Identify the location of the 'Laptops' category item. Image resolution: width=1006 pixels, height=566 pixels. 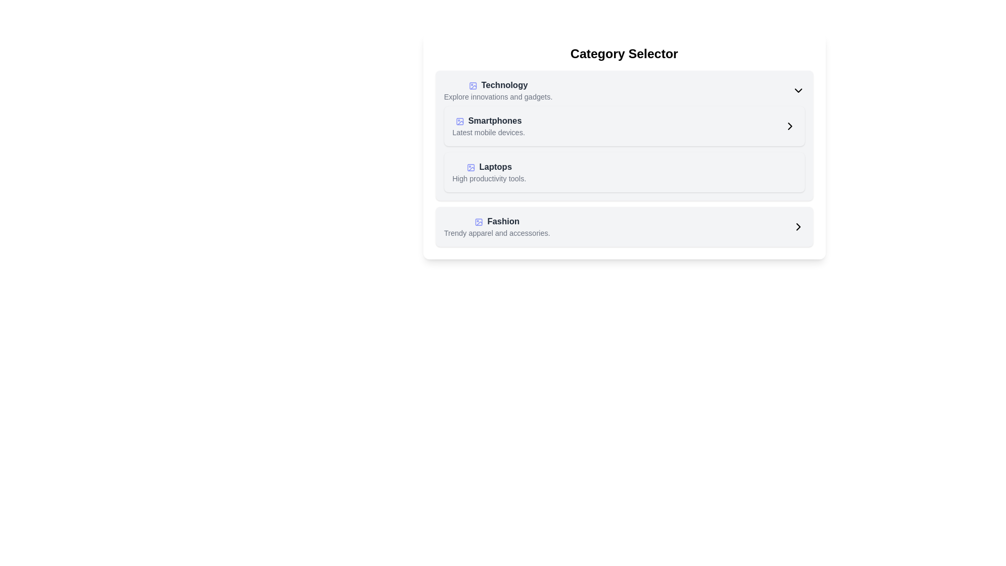
(624, 171).